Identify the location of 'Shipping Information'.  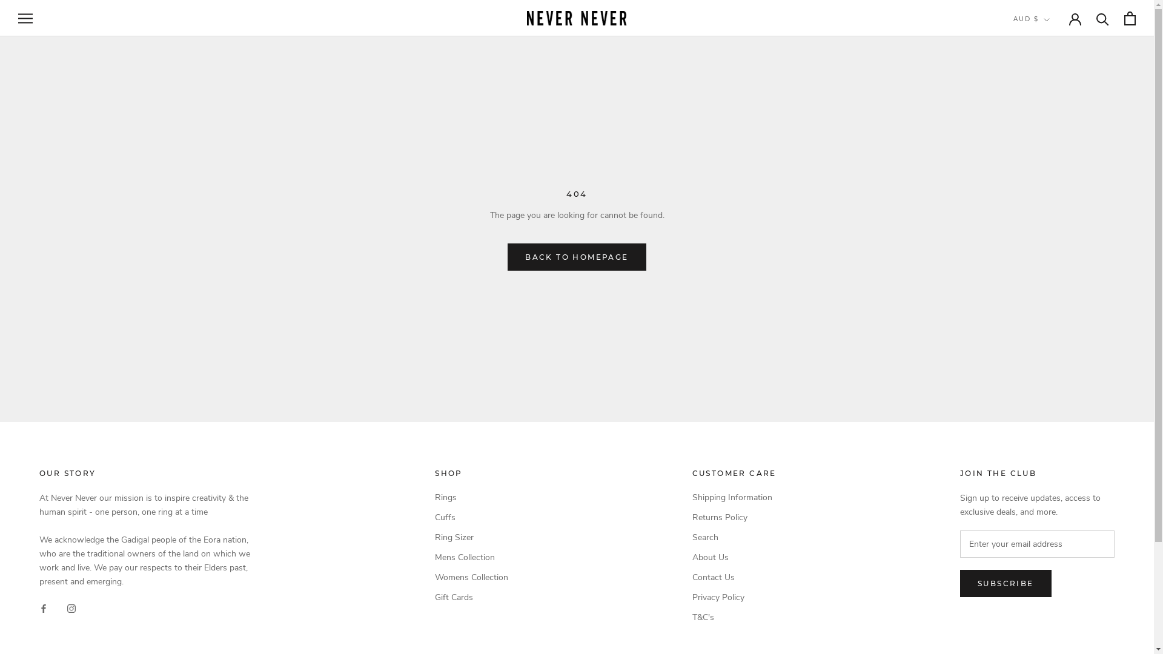
(734, 497).